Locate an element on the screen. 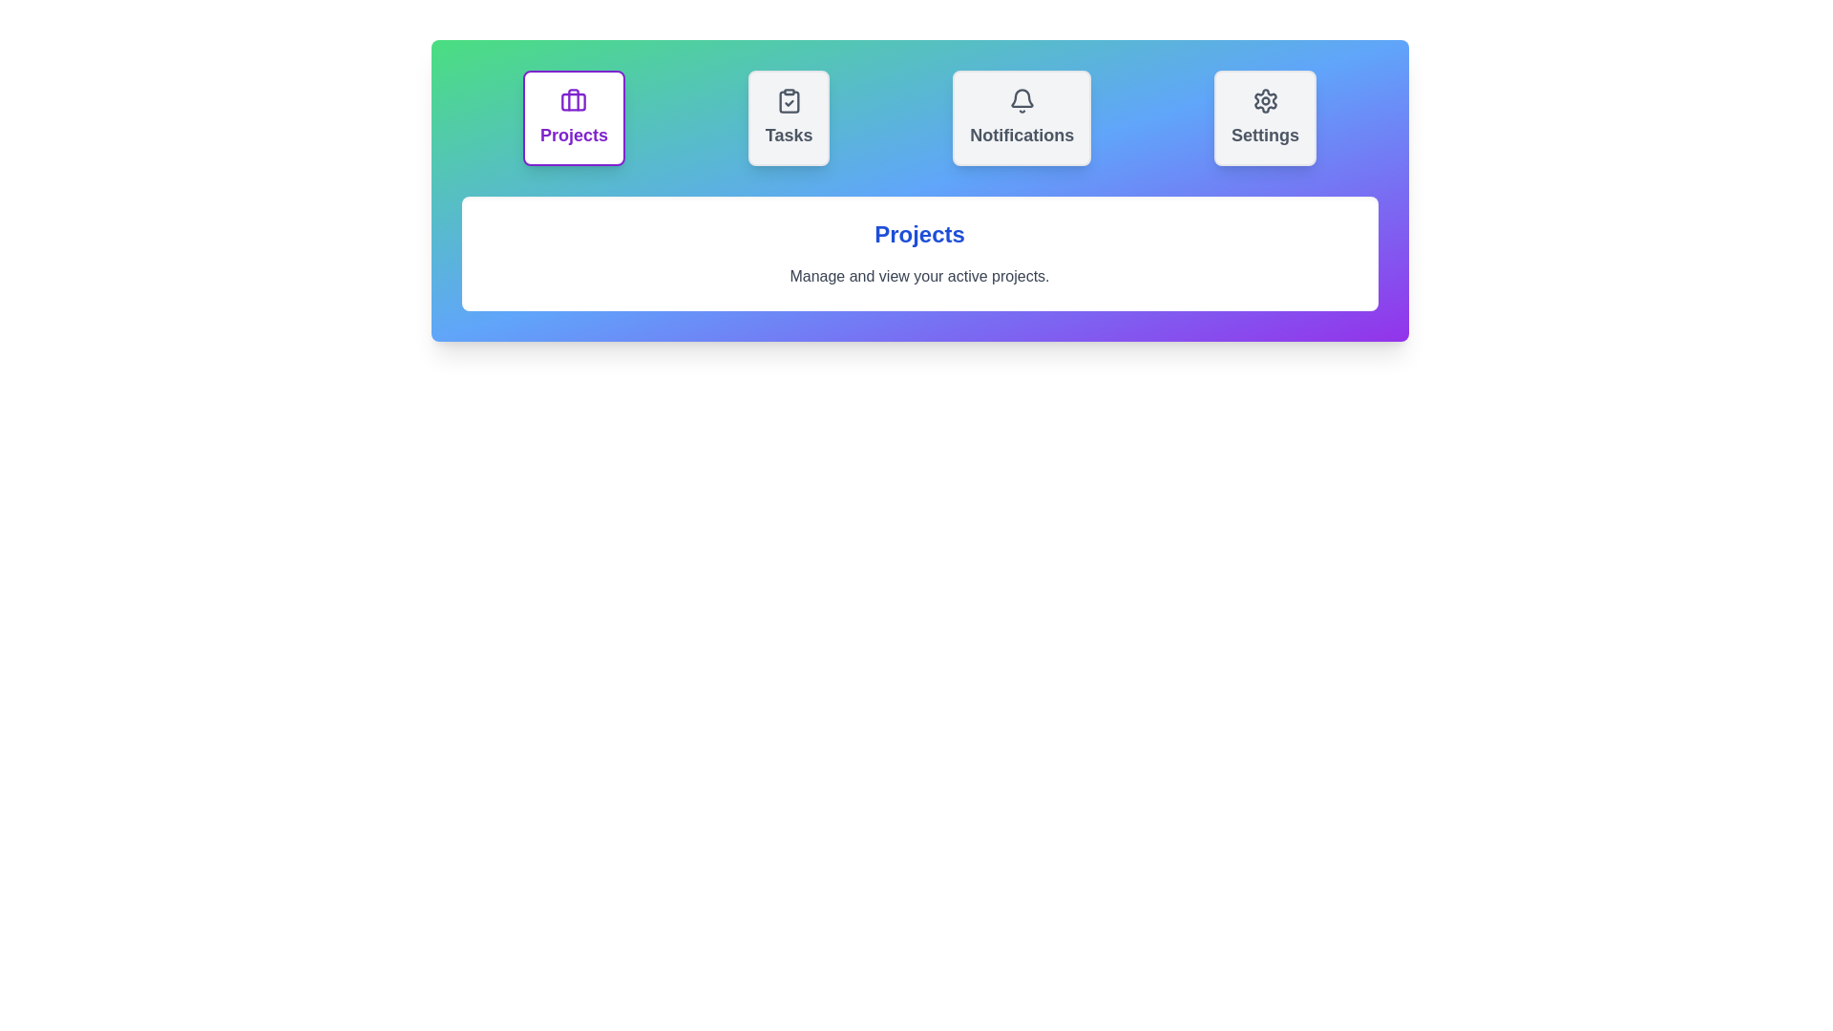  the tab labeled Settings to observe its hover effect is located at coordinates (1265, 117).